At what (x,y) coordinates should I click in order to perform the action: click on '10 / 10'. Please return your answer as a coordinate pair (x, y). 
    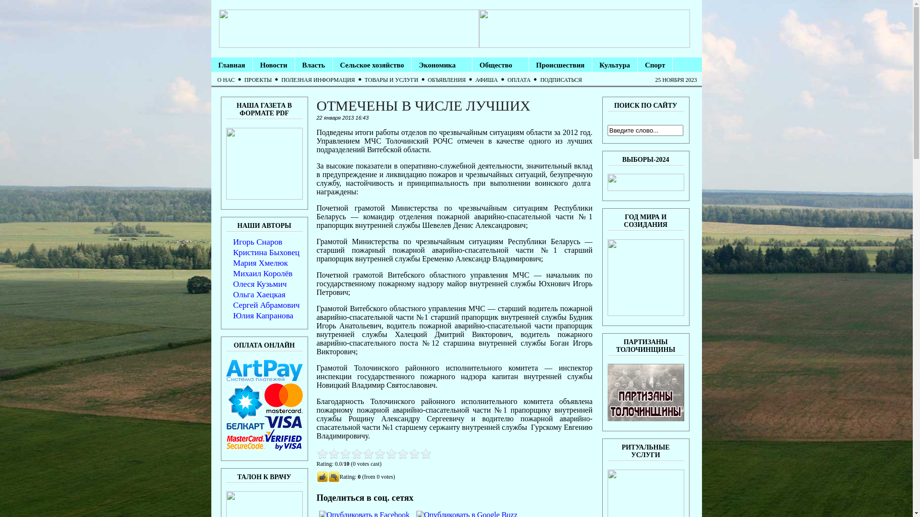
    Looking at the image, I should click on (373, 453).